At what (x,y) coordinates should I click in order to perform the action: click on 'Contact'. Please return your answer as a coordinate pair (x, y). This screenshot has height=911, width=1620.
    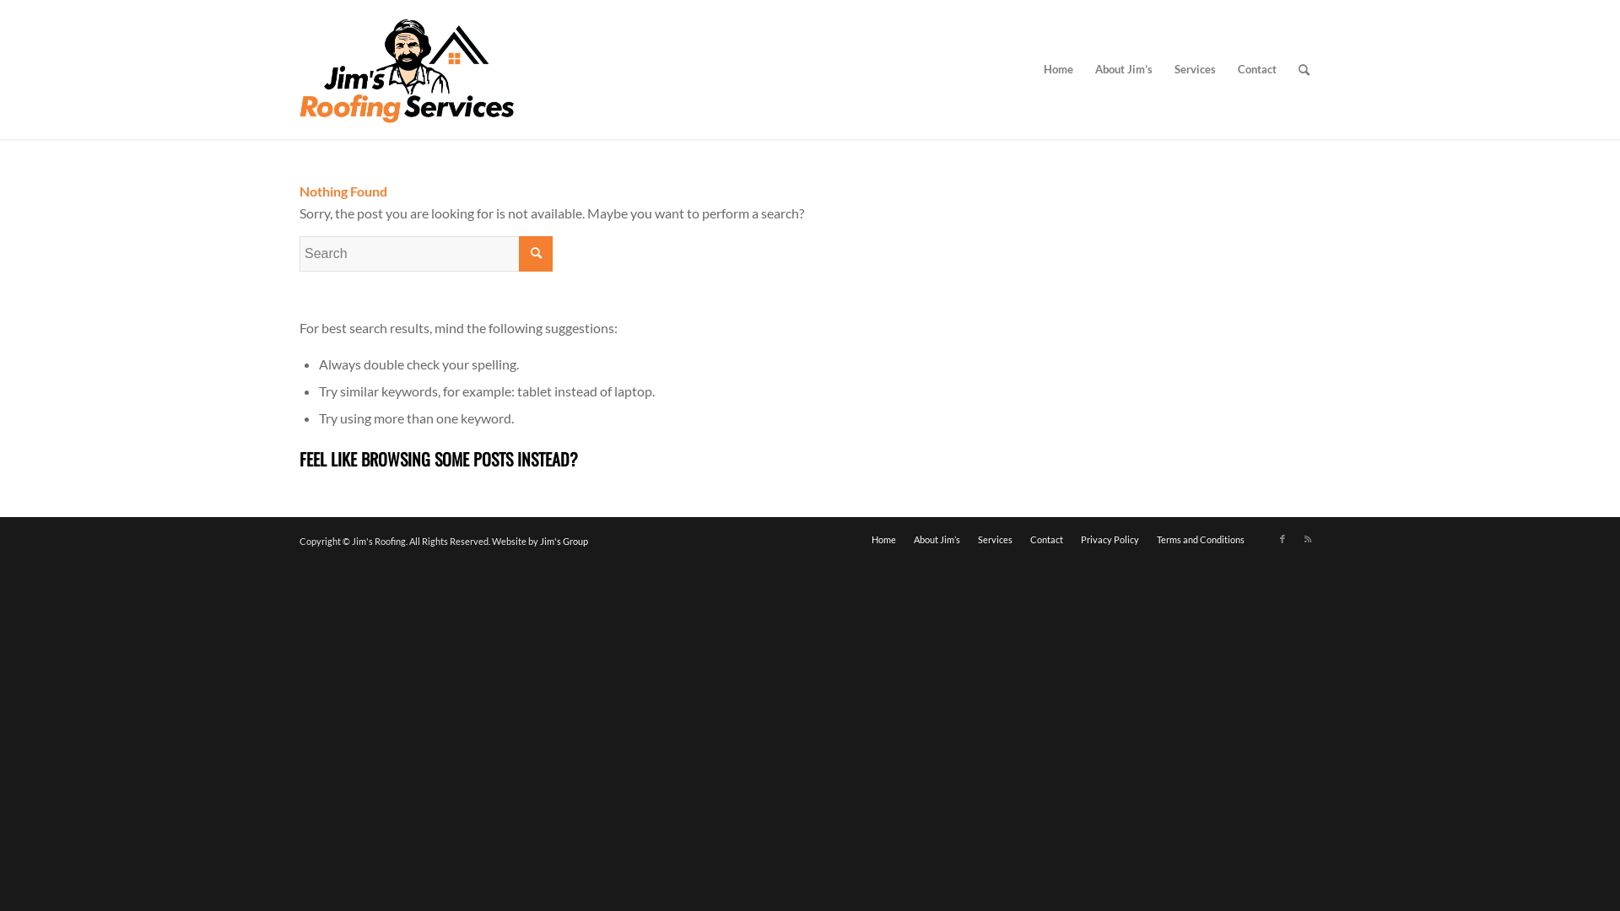
    Looking at the image, I should click on (1256, 68).